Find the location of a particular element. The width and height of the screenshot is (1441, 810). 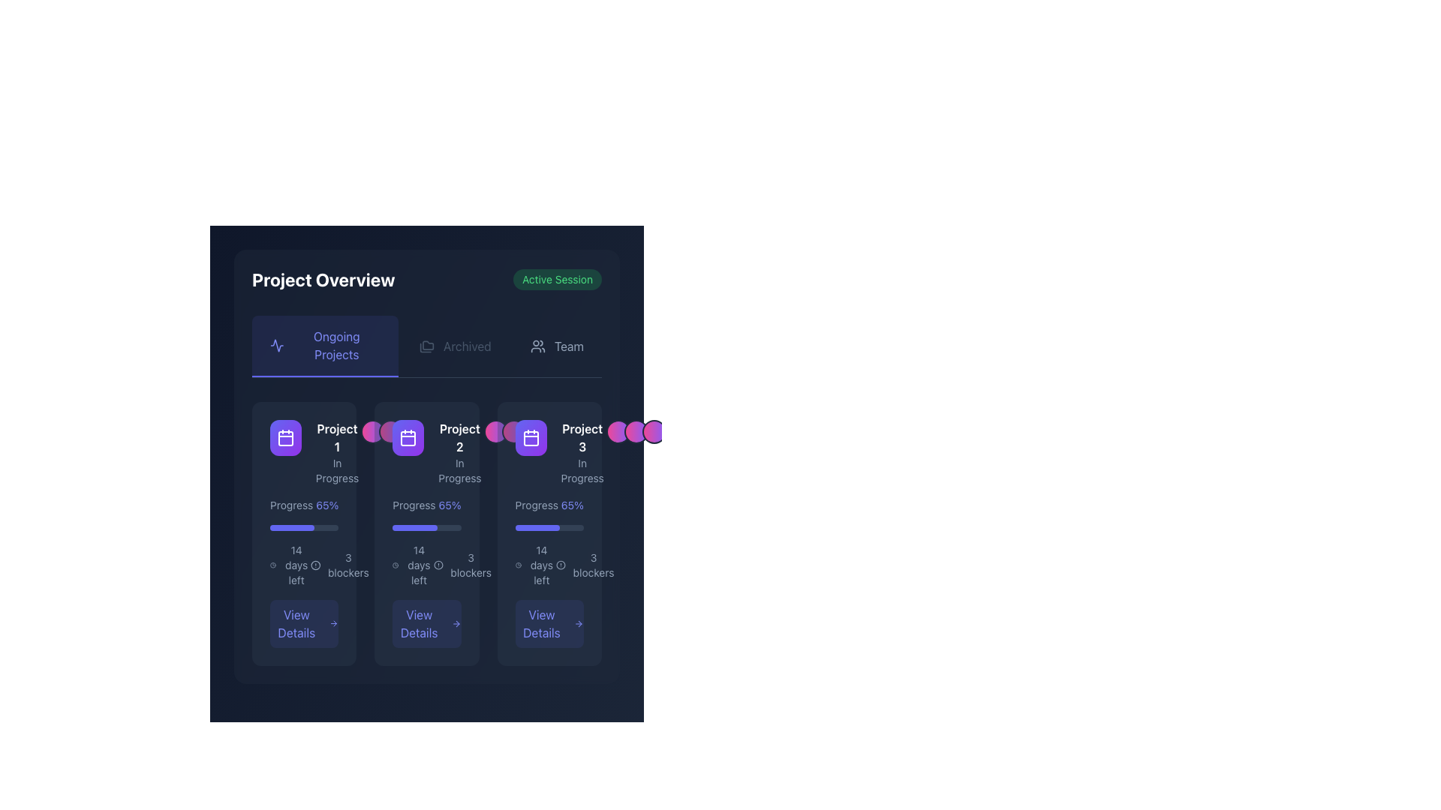

the purple rectangular shape with rounded corners inside the calendar icon for the 'Project 3' card in the 'Ongoing Projects' section is located at coordinates (531, 439).